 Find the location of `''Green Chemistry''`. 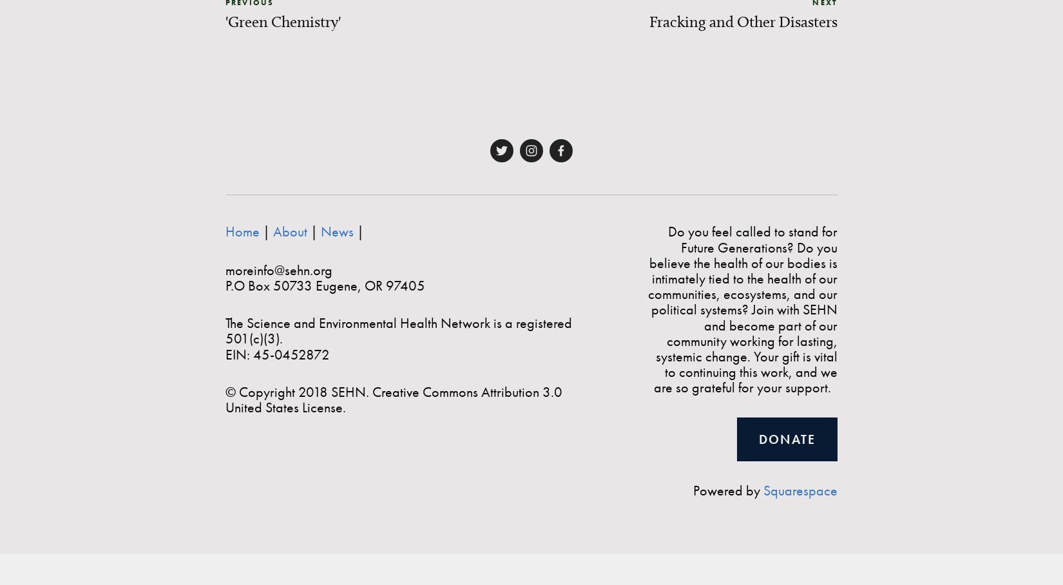

''Green Chemistry'' is located at coordinates (282, 20).